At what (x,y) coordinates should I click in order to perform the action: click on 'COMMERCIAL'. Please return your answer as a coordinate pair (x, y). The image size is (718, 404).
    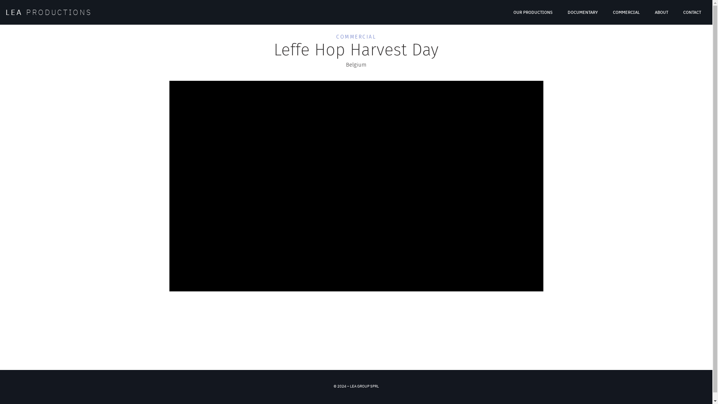
    Looking at the image, I should click on (335, 37).